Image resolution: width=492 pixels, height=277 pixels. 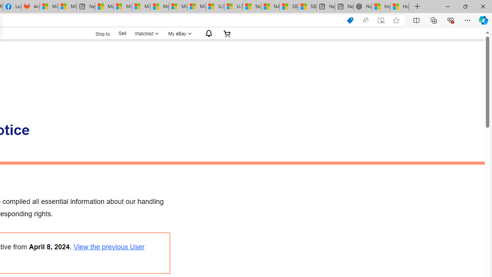 What do you see at coordinates (146, 33) in the screenshot?
I see `'WatchlistExpand Watch List'` at bounding box center [146, 33].